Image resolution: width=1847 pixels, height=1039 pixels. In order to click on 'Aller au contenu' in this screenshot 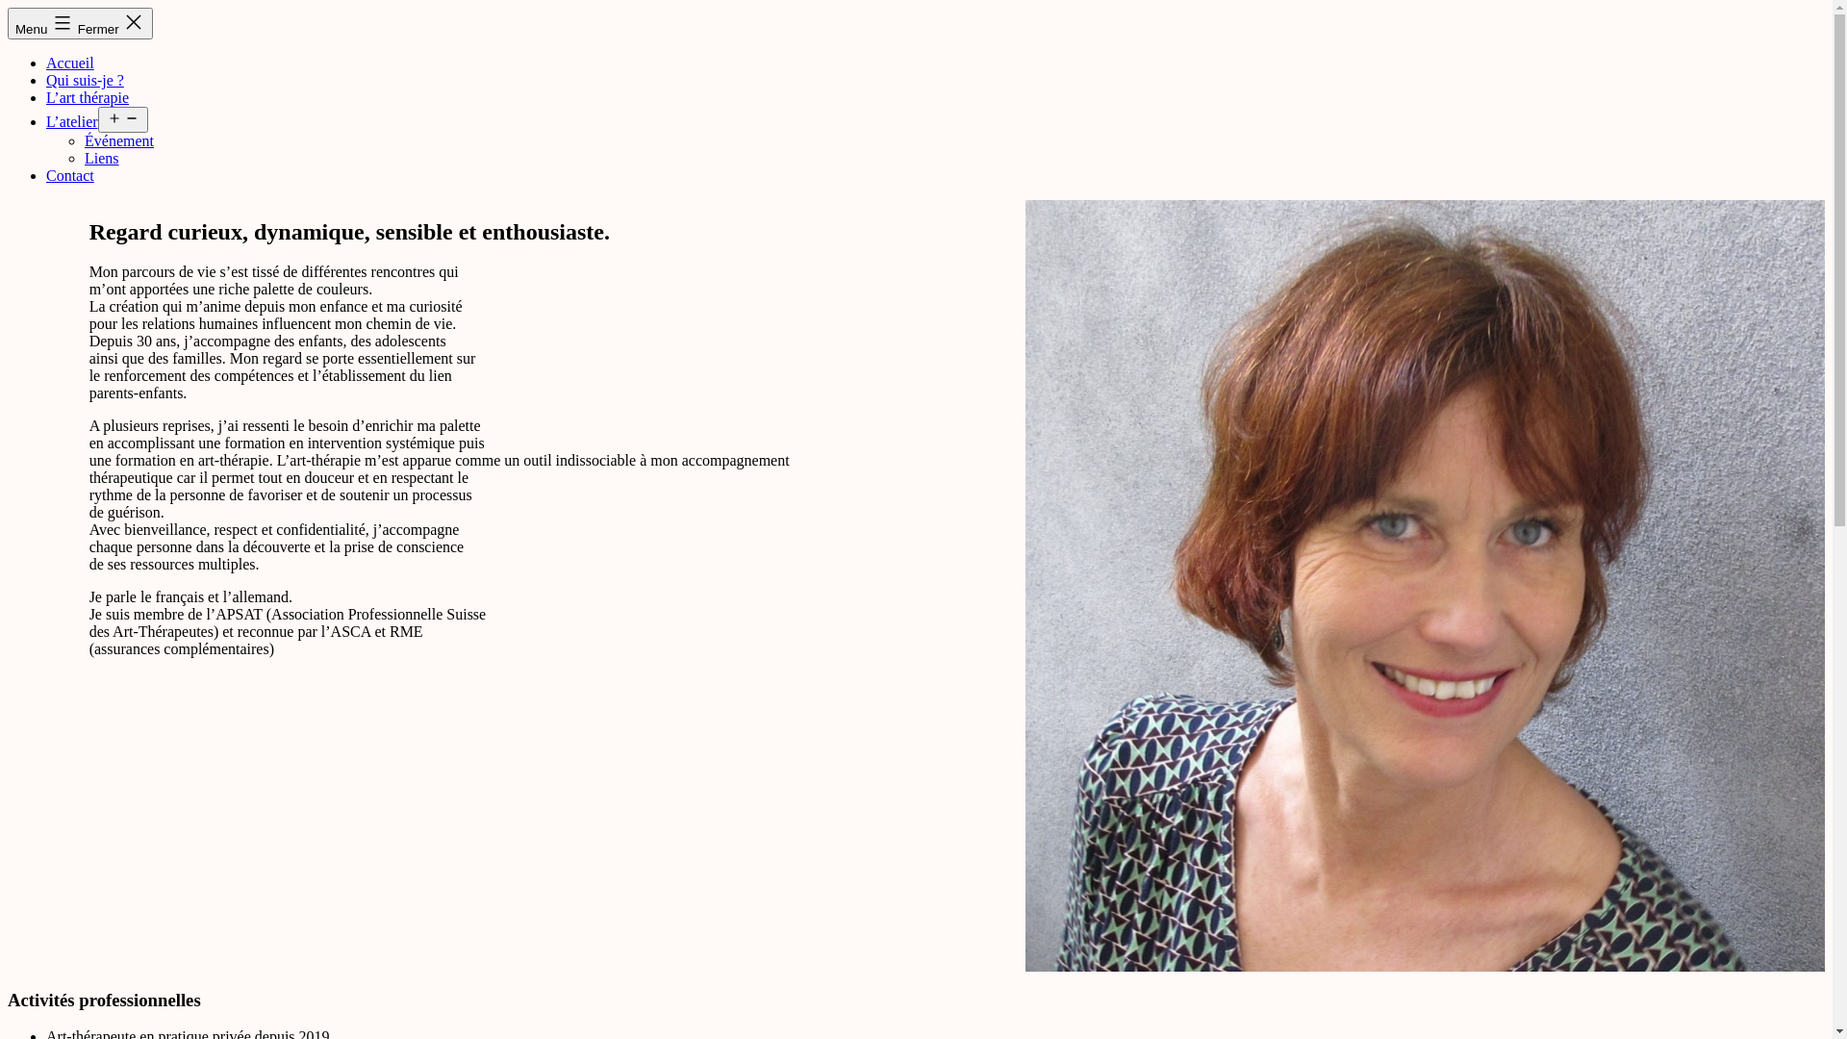, I will do `click(7, 7)`.